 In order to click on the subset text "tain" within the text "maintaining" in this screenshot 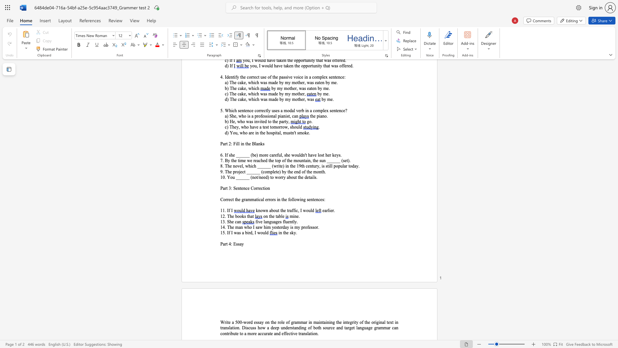, I will do `click(322, 322)`.